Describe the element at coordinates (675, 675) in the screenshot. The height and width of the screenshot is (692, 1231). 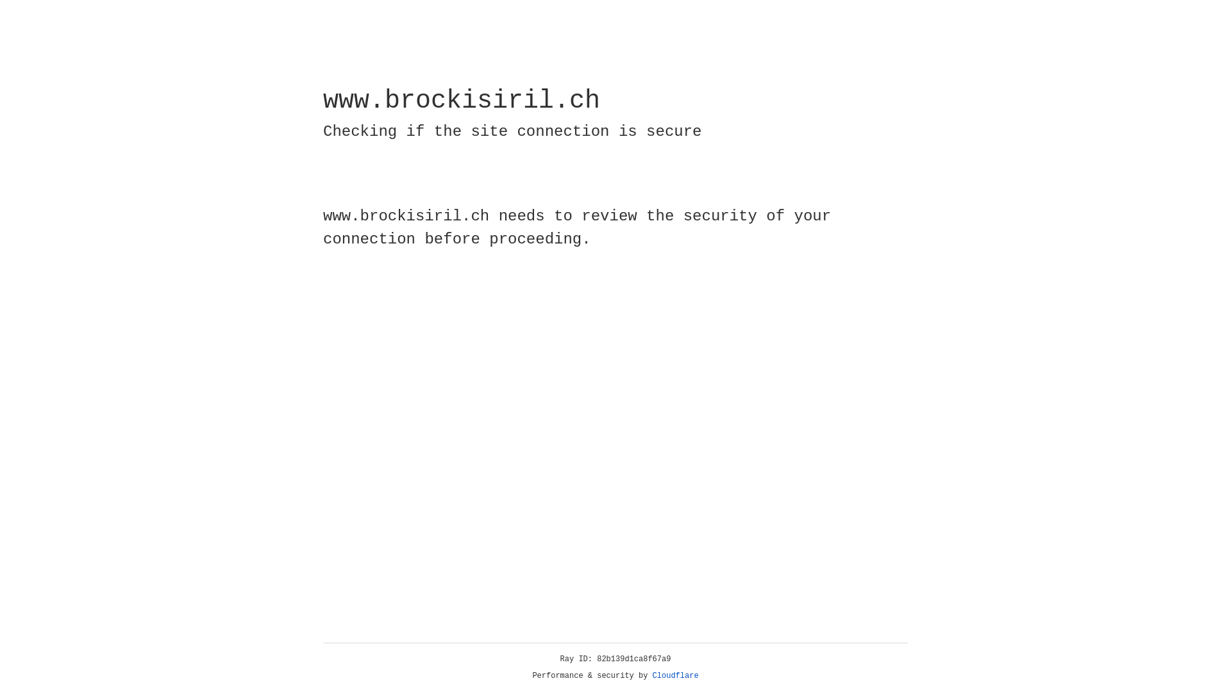
I see `'Cloudflare'` at that location.